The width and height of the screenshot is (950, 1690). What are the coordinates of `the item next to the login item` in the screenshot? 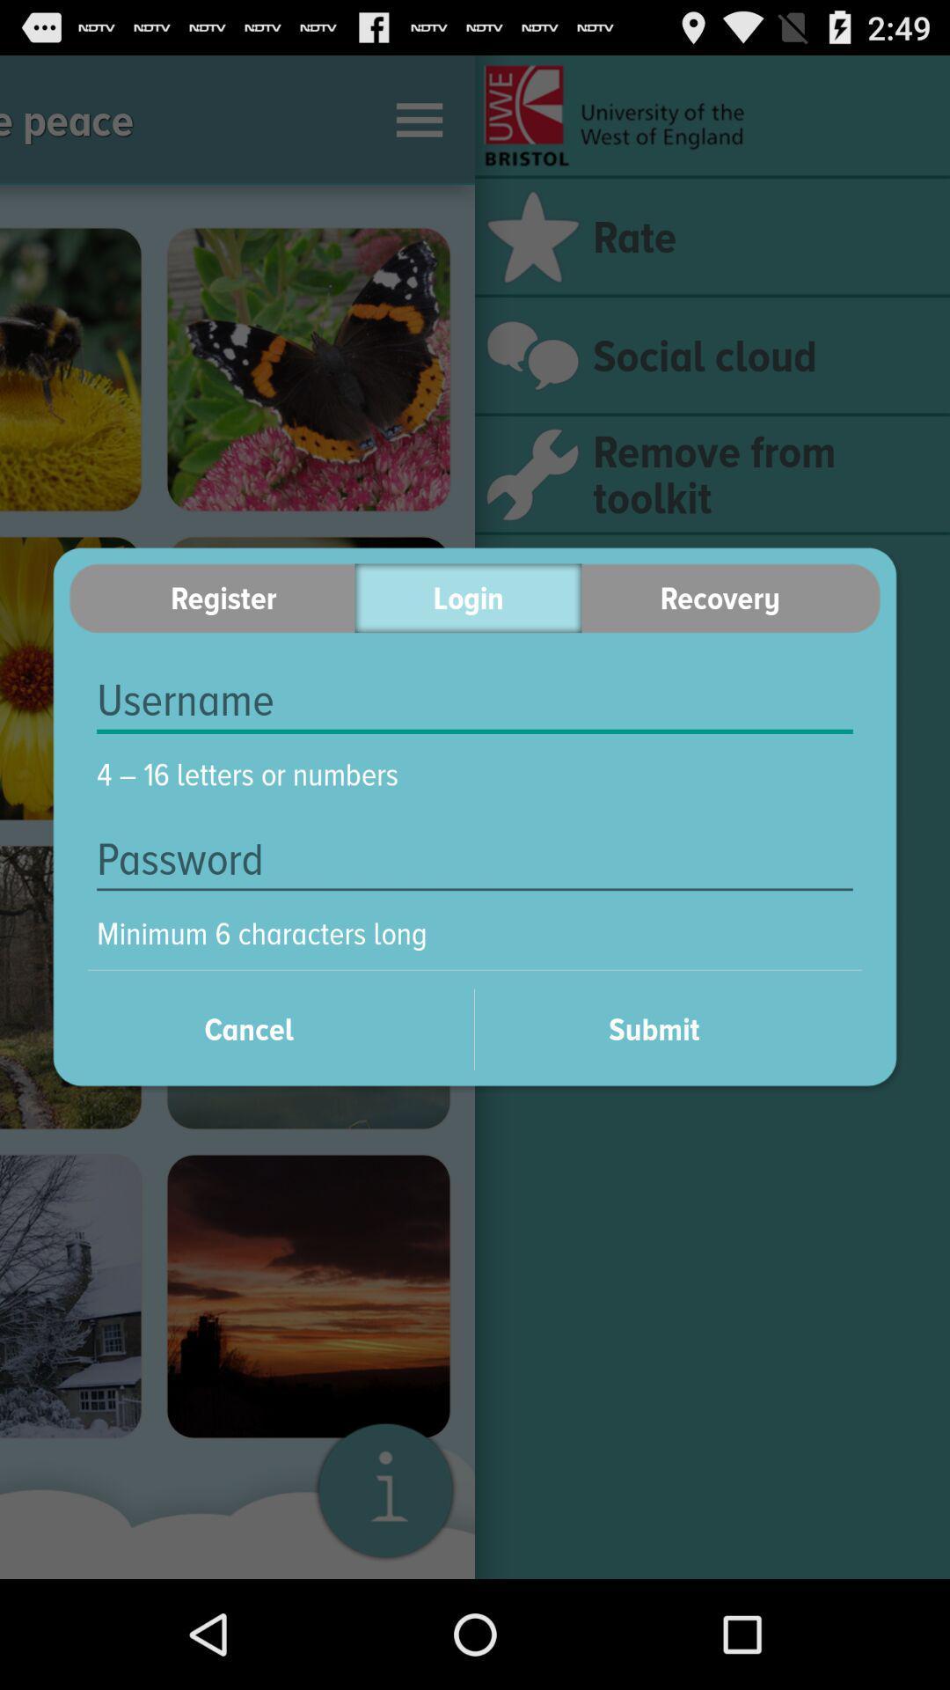 It's located at (211, 598).